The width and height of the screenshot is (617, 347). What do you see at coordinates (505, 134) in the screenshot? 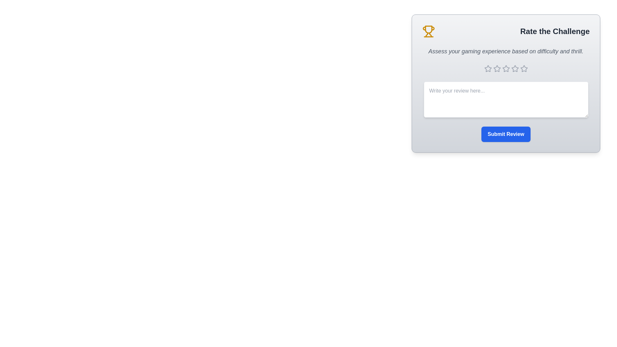
I see `the 'Submit Review' button` at bounding box center [505, 134].